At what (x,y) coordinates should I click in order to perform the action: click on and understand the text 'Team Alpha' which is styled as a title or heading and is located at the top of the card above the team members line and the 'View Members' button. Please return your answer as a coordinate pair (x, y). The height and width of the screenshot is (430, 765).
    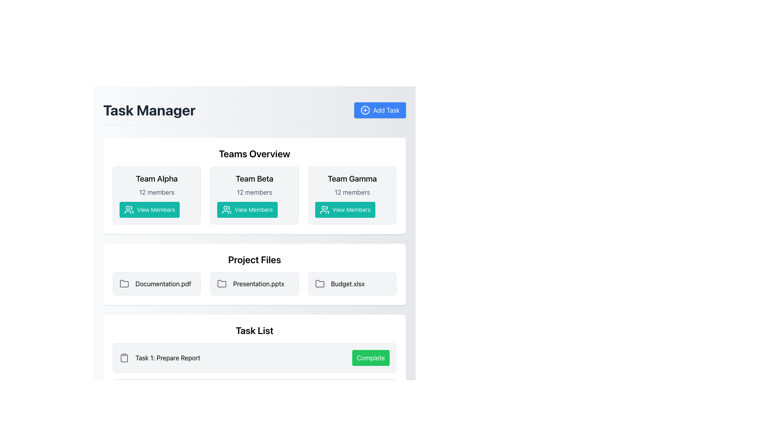
    Looking at the image, I should click on (157, 178).